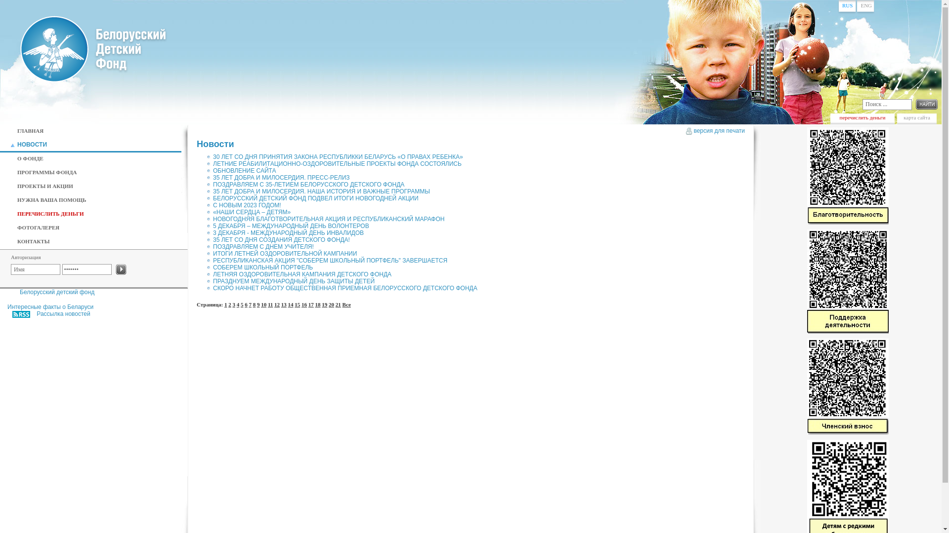 This screenshot has height=533, width=949. I want to click on '15', so click(297, 302).